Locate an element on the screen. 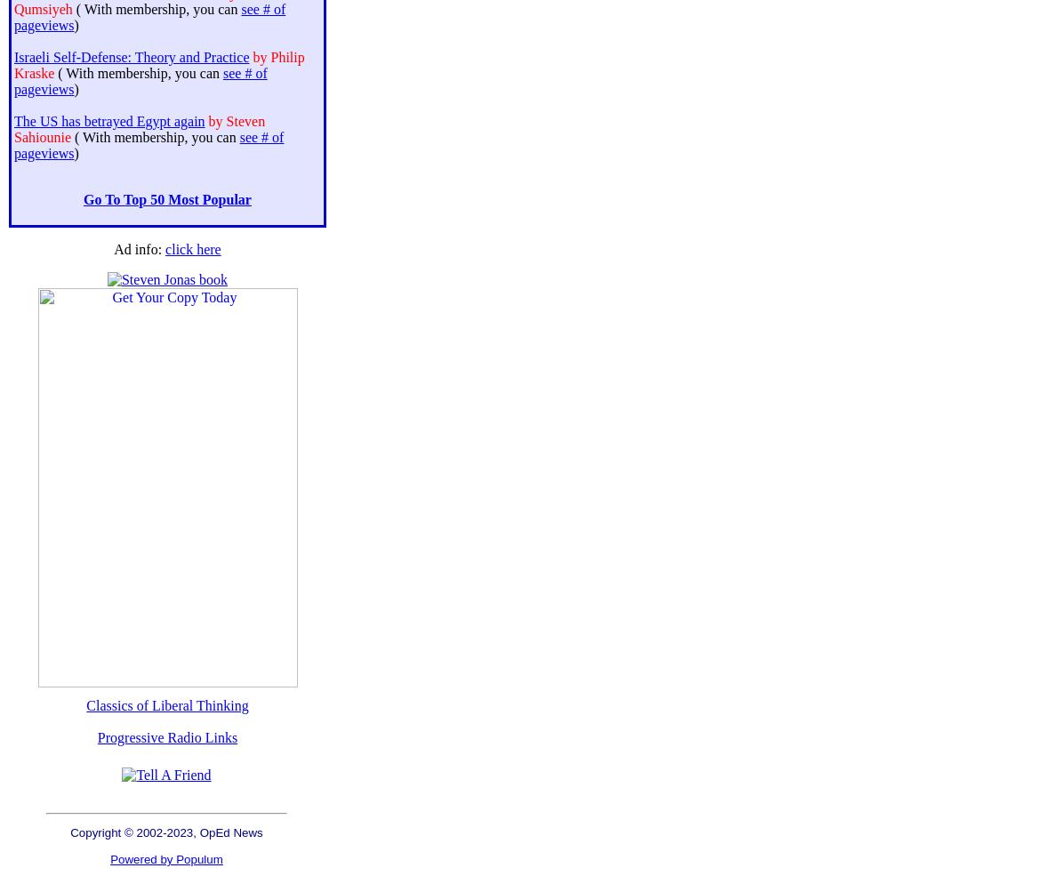  'Ad info:' is located at coordinates (138, 248).